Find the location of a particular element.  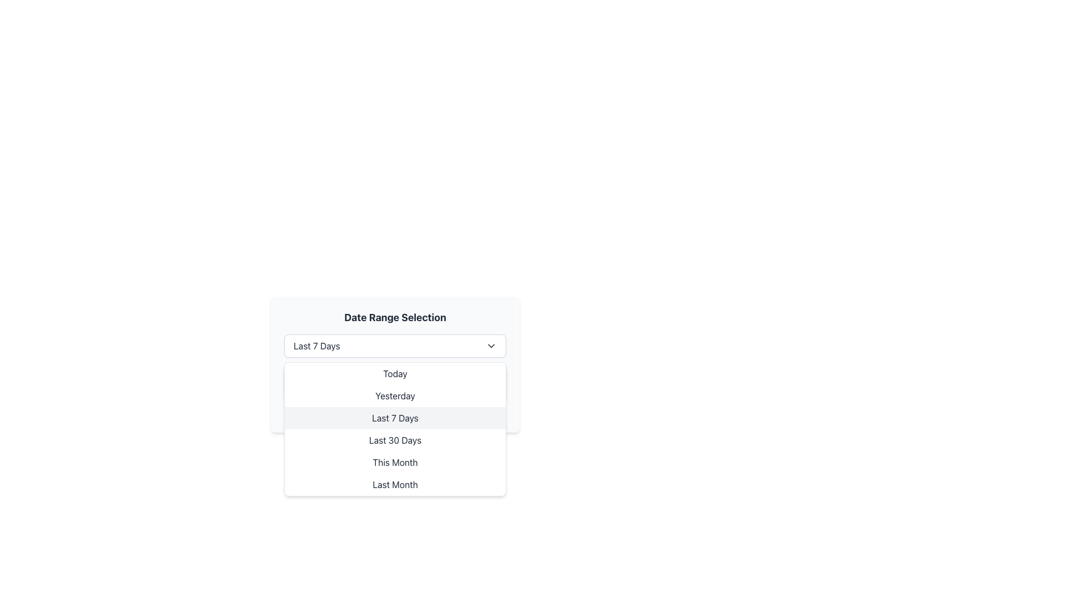

the 'Last 7 Days' dropdown menu is located at coordinates (395, 346).